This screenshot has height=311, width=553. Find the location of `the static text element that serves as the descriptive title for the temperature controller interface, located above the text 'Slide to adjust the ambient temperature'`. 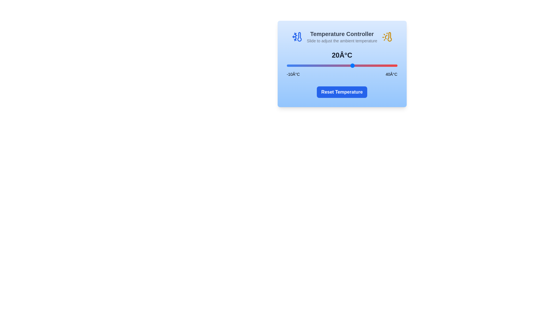

the static text element that serves as the descriptive title for the temperature controller interface, located above the text 'Slide to adjust the ambient temperature' is located at coordinates (342, 34).